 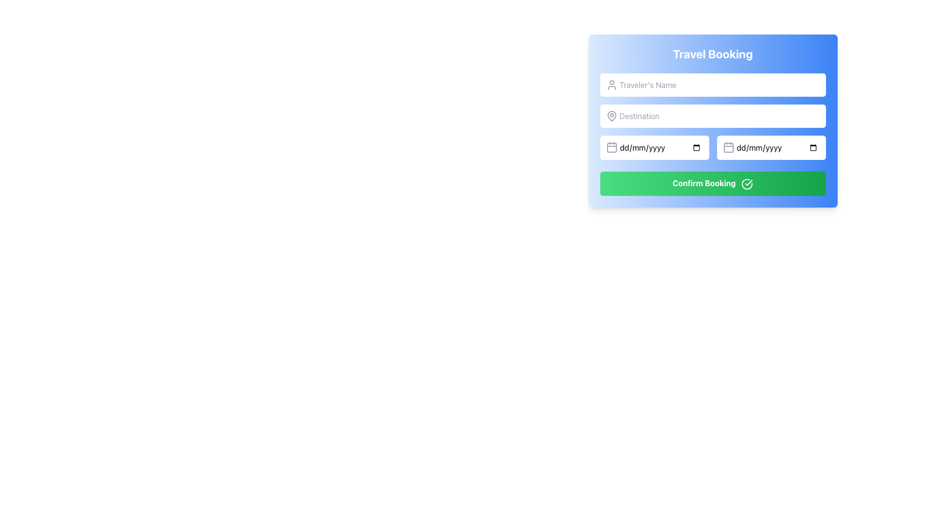 I want to click on the first calendar icon located to the left of the first date input box labeled 'dd/mm/yyyy' in the 'Travel Booking' panel, so click(x=611, y=148).